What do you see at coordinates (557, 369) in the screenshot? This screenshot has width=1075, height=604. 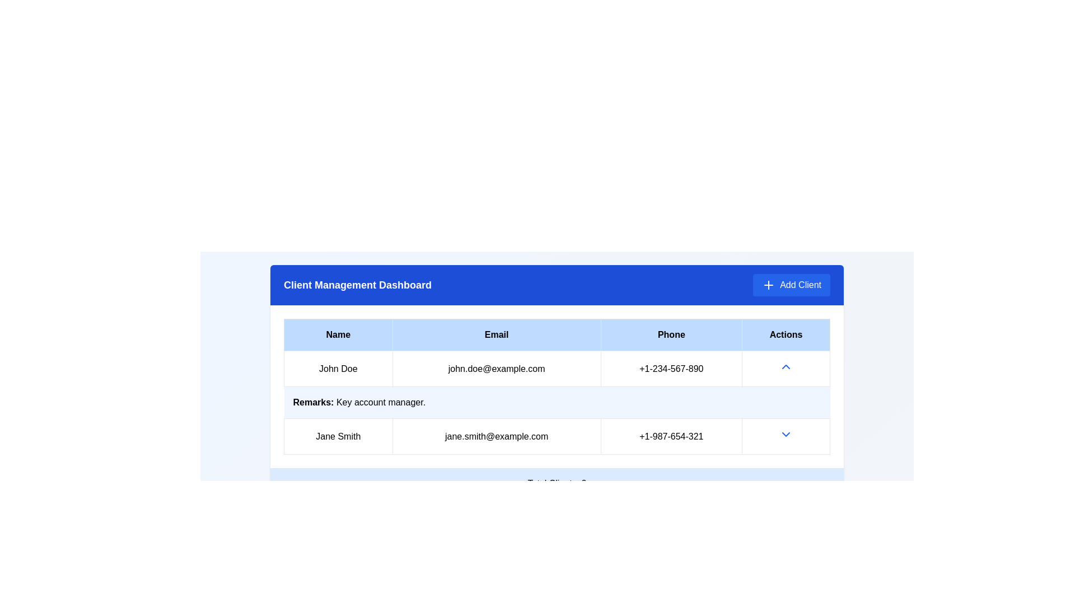 I see `the first row of the table displaying user information, which includes the headers 'Name', 'Email', and 'Phone'` at bounding box center [557, 369].